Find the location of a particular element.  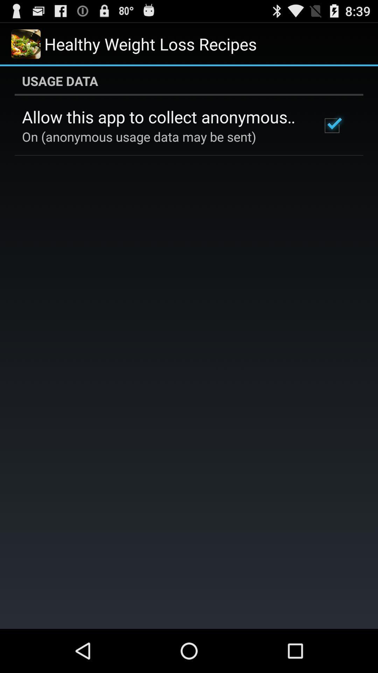

item at the top right corner is located at coordinates (331, 125).